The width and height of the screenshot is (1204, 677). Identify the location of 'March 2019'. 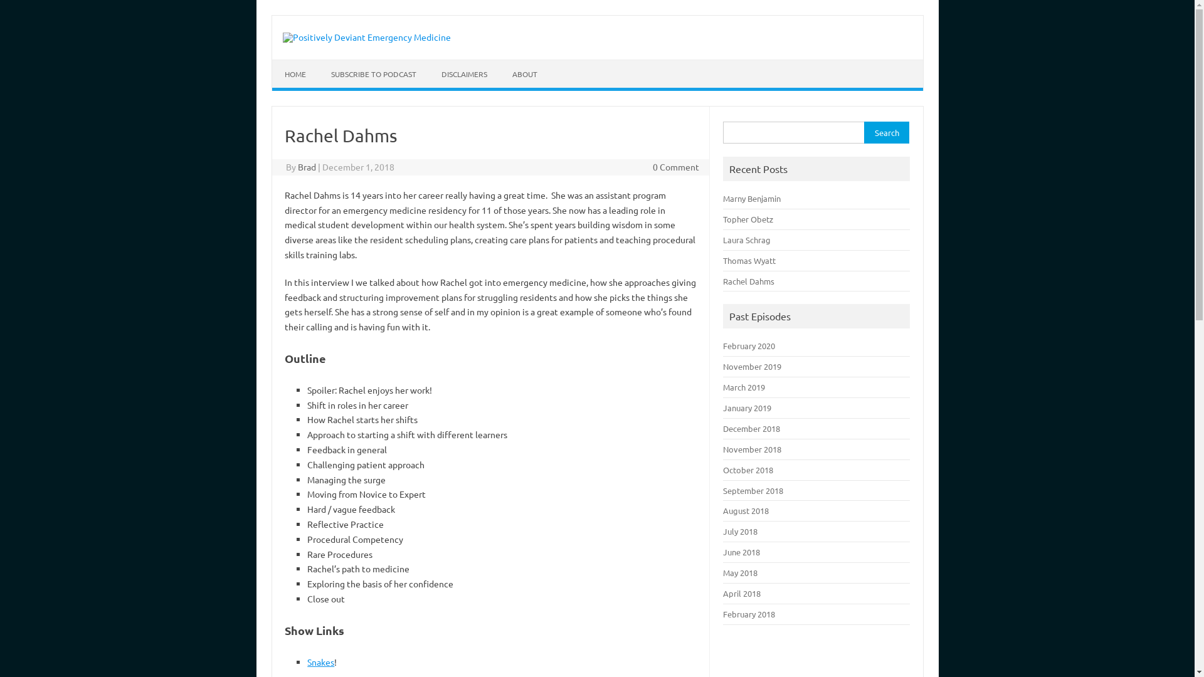
(744, 386).